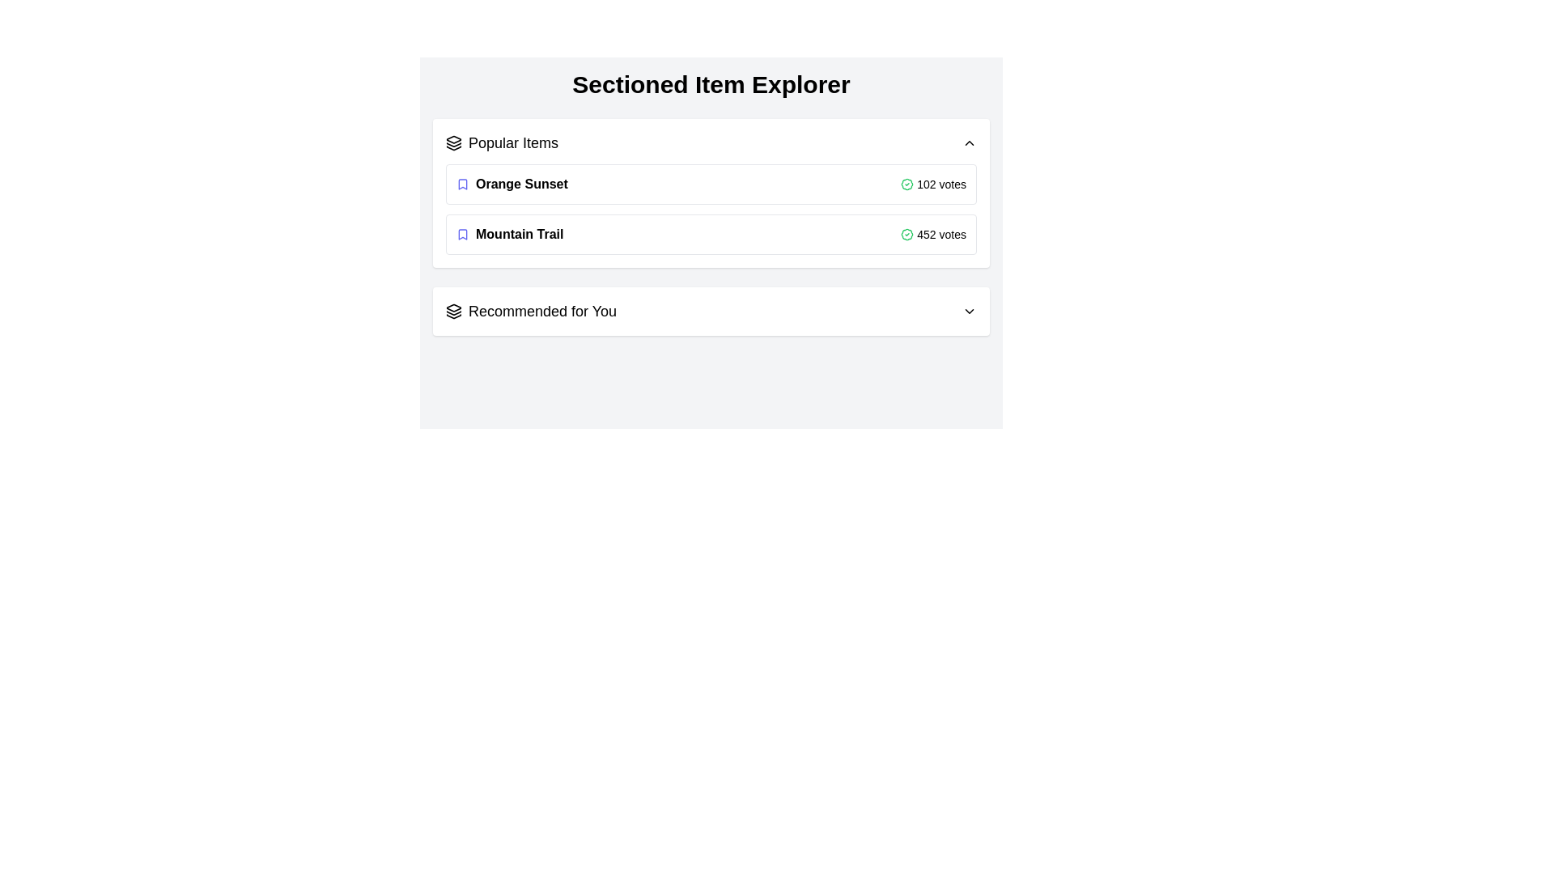 Image resolution: width=1554 pixels, height=874 pixels. I want to click on the middle triangular shape of the layered icon located in the 'Popular Items' section, so click(453, 144).